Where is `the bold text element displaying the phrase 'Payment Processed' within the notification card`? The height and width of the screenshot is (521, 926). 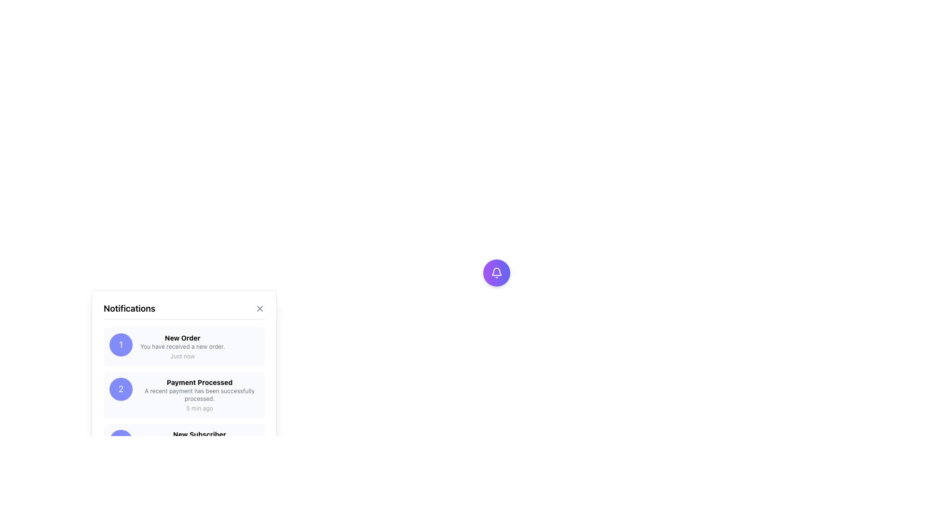
the bold text element displaying the phrase 'Payment Processed' within the notification card is located at coordinates (199, 382).